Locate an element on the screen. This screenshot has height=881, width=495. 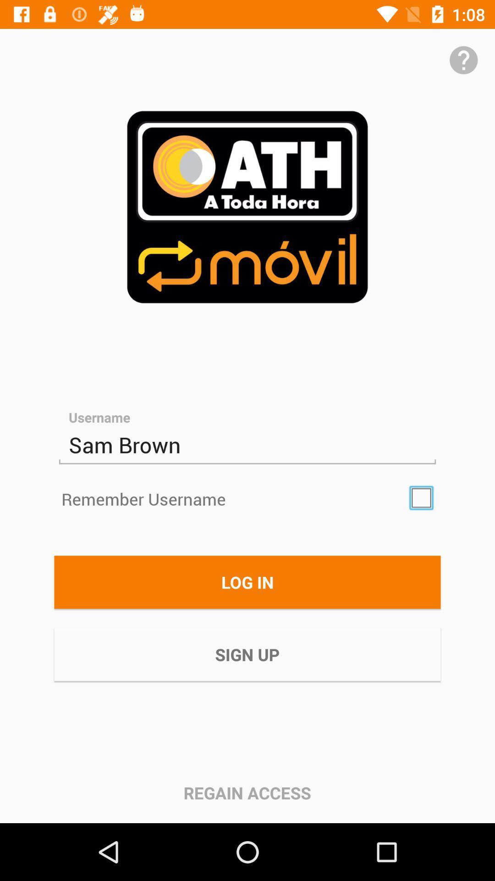
get help is located at coordinates (463, 60).